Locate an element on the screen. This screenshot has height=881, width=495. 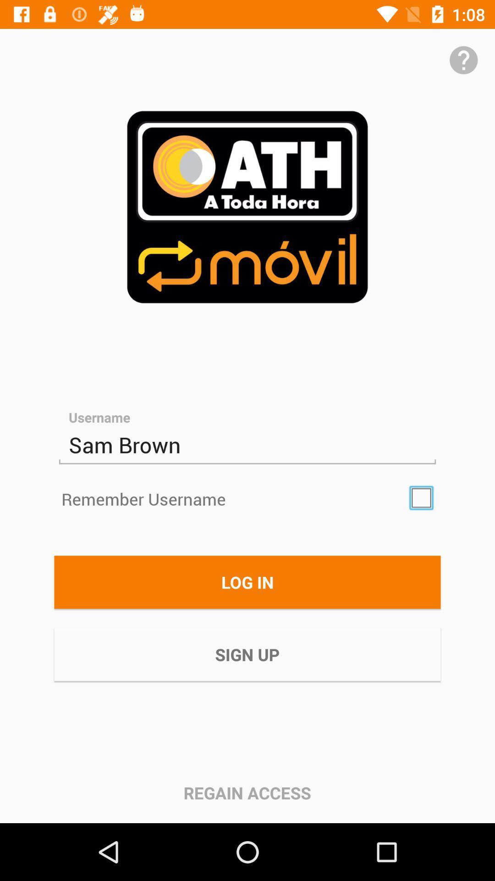
get help is located at coordinates (463, 60).